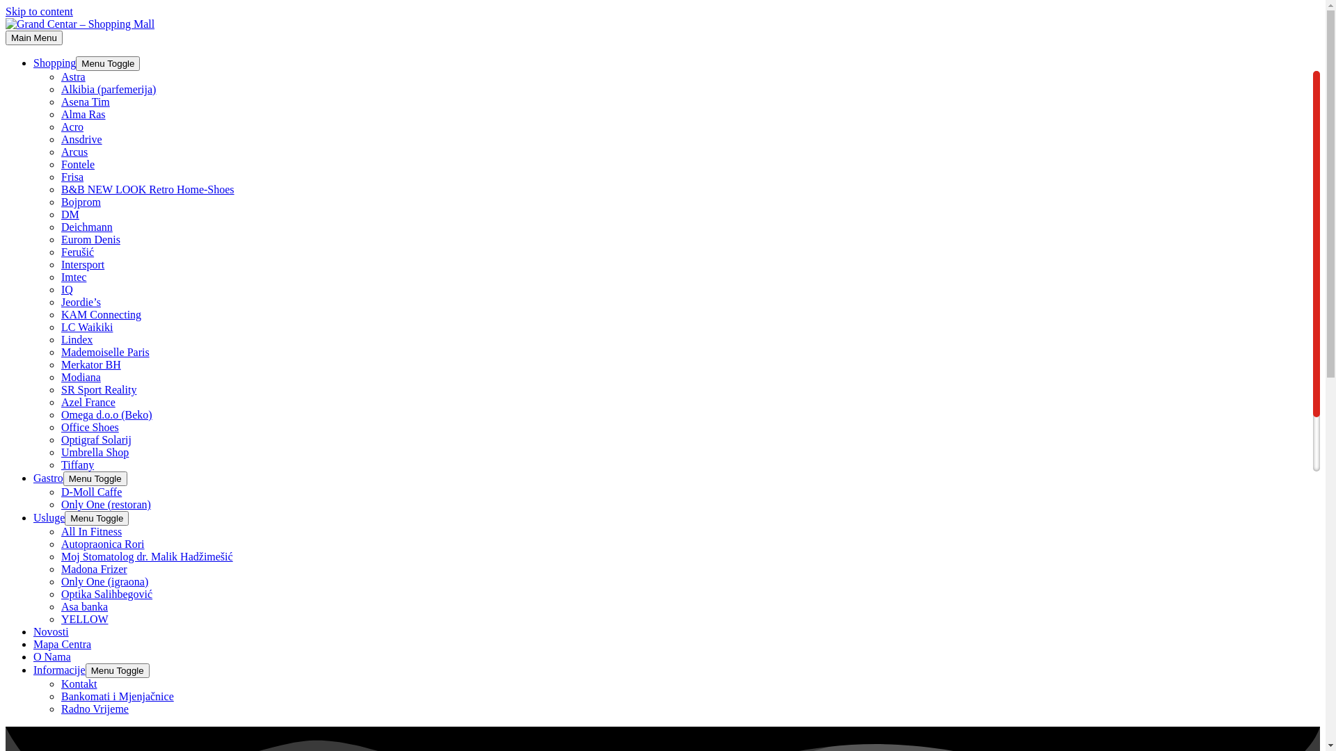 Image resolution: width=1336 pixels, height=751 pixels. What do you see at coordinates (54, 63) in the screenshot?
I see `'Shopping'` at bounding box center [54, 63].